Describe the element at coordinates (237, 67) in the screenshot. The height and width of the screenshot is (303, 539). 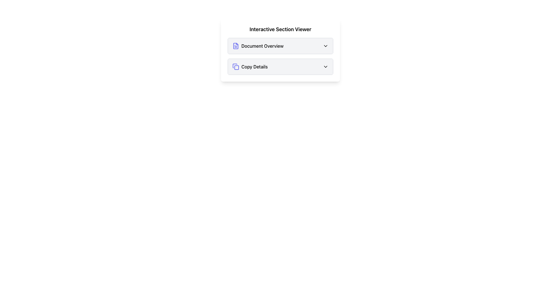
I see `the small light gray rectangle with rounded corners inside the 'Copy Details' button, which is positioned to the left of the button label` at that location.